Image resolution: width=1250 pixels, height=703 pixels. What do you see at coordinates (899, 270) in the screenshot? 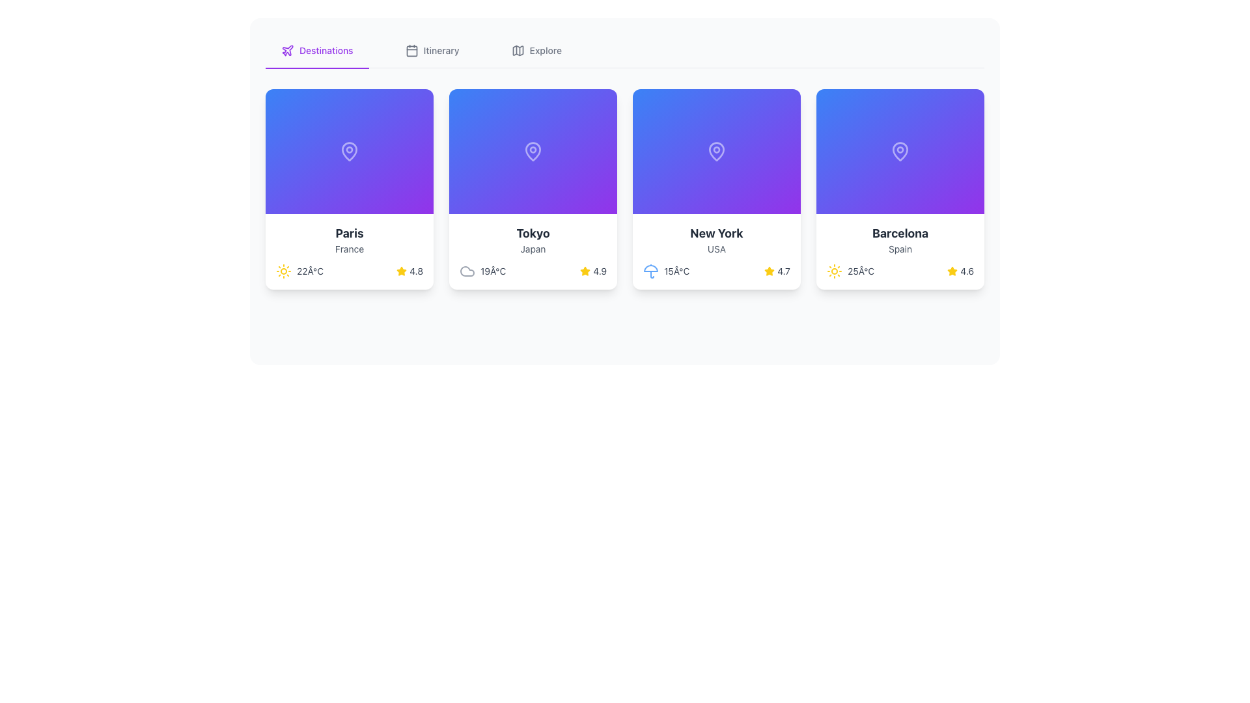
I see `the informational display conveying weather information for Barcelona, located at the rightmost side of the card below the text 'Barcelona' and 'Spain'` at bounding box center [899, 270].